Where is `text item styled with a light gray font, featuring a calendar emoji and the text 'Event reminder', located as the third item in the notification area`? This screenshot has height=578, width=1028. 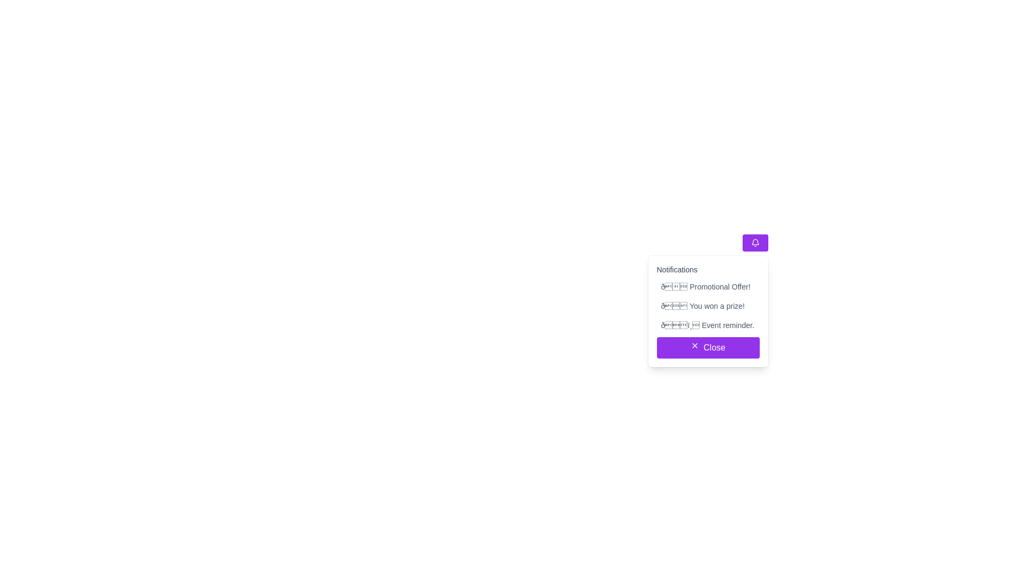
text item styled with a light gray font, featuring a calendar emoji and the text 'Event reminder', located as the third item in the notification area is located at coordinates (708, 325).